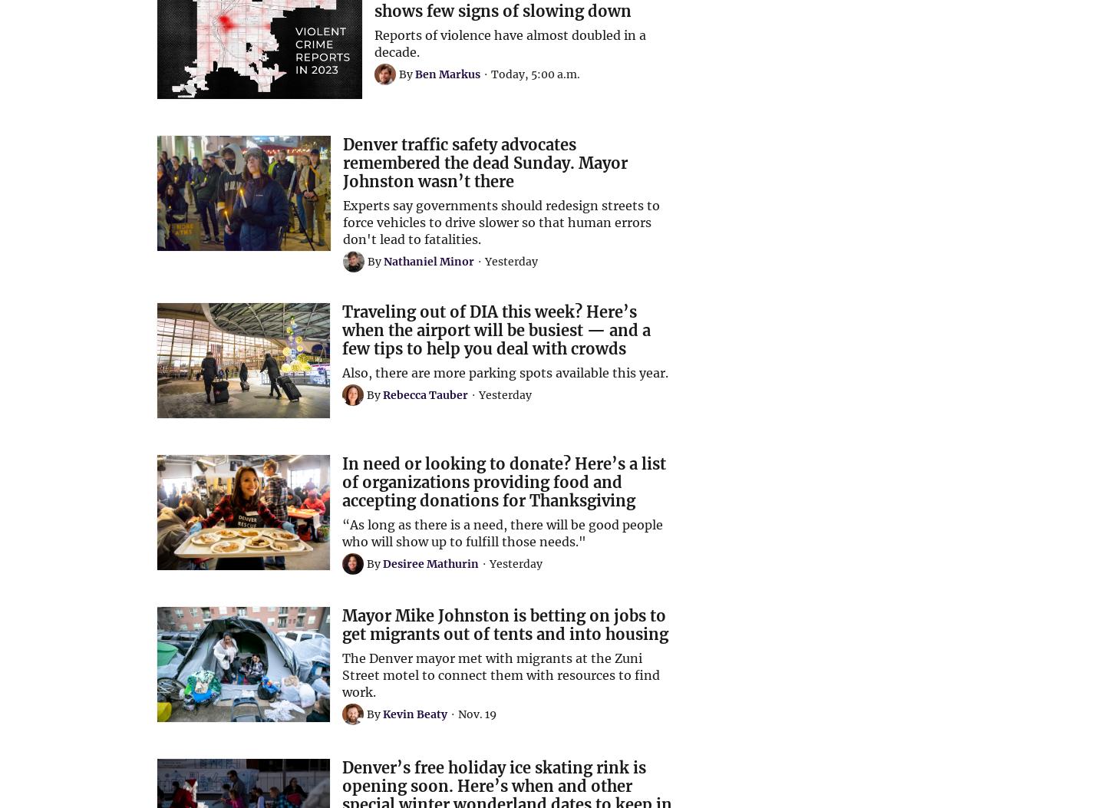 The width and height of the screenshot is (1105, 808). I want to click on 'Also, there are more parking spots available this year.', so click(504, 372).